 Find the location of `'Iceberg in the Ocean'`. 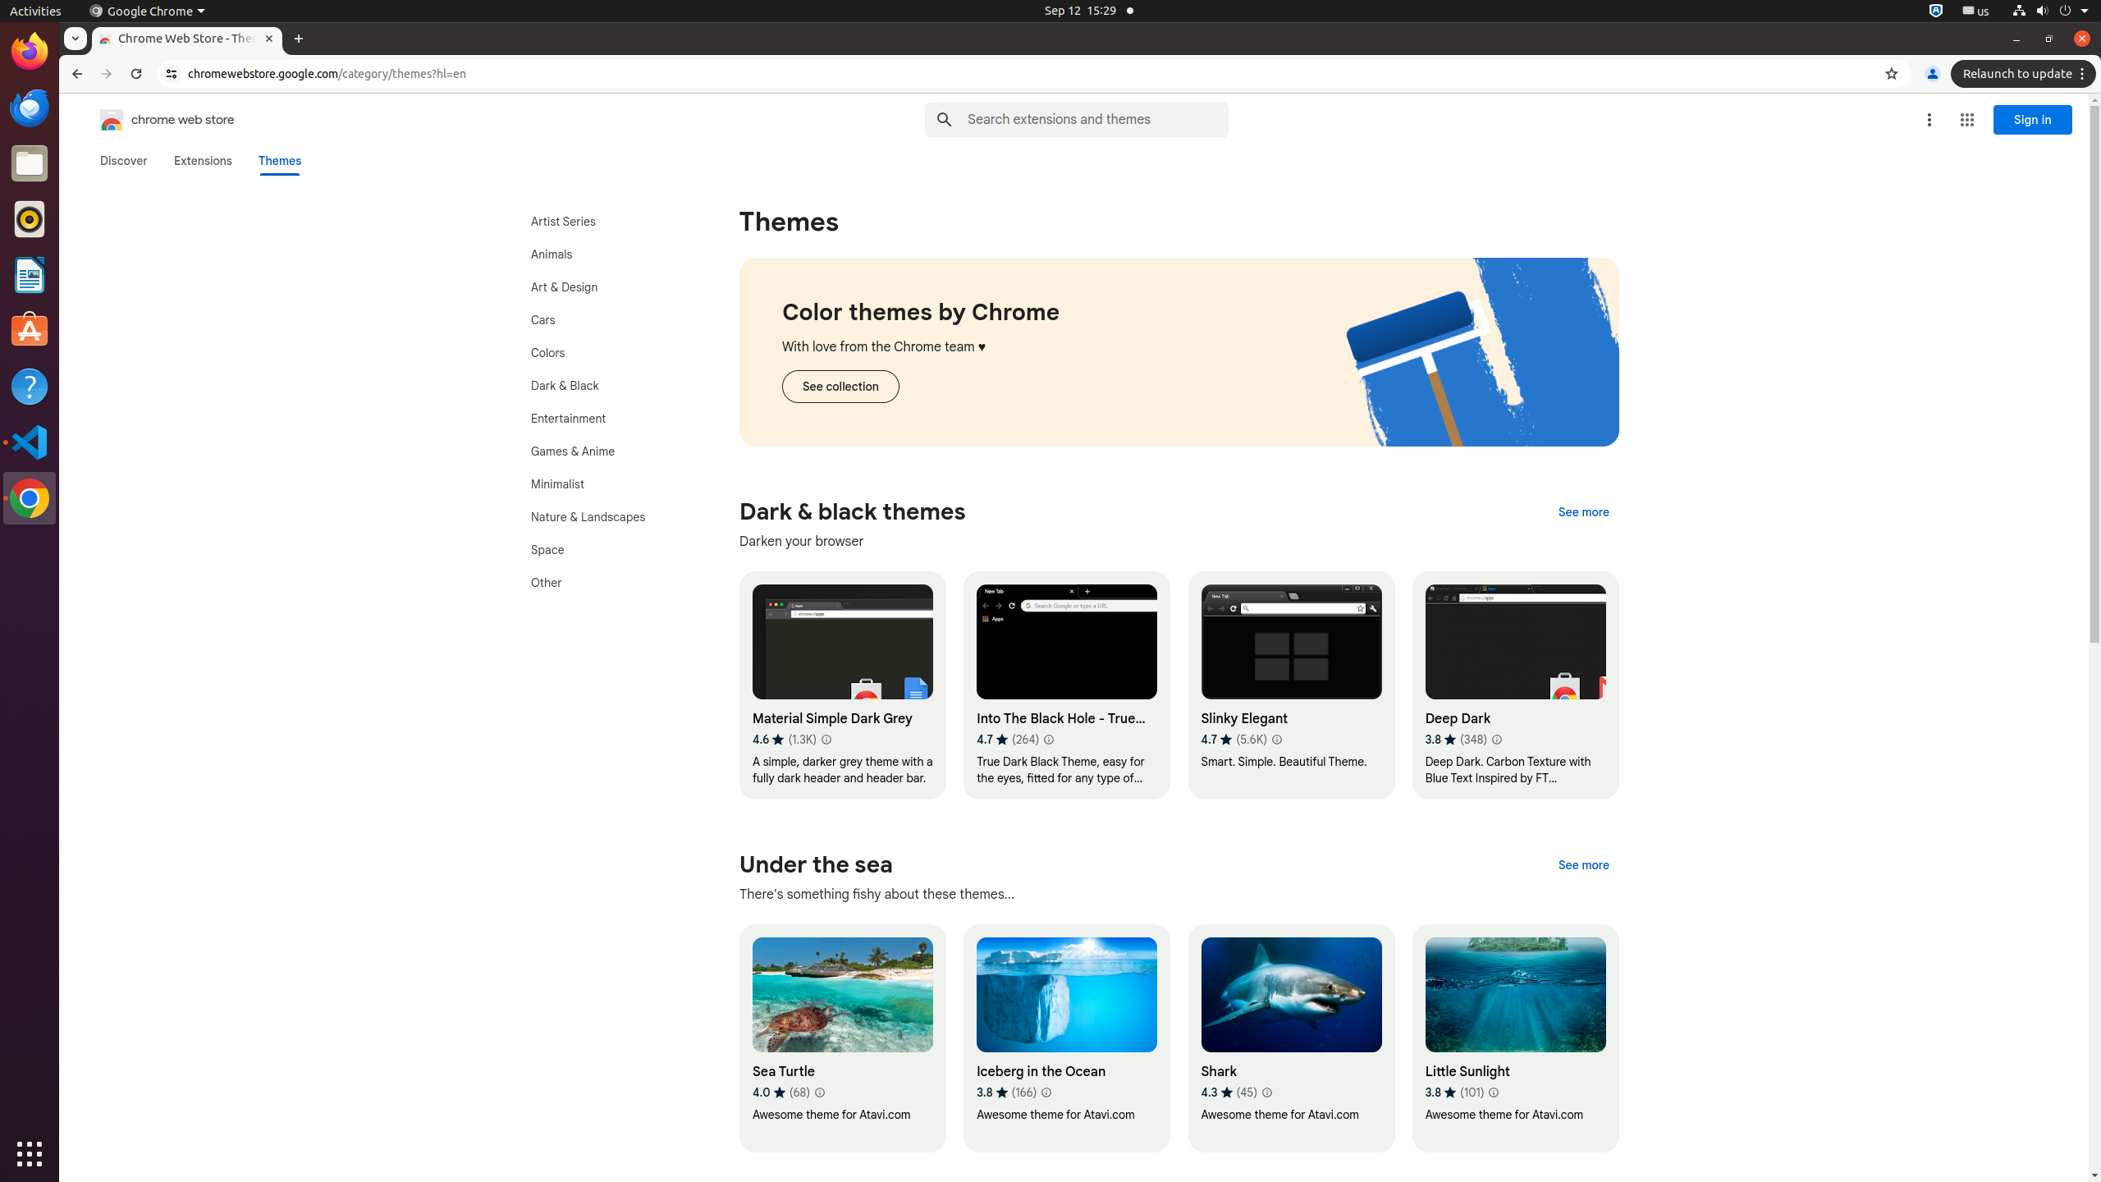

'Iceberg in the Ocean' is located at coordinates (1066, 1038).